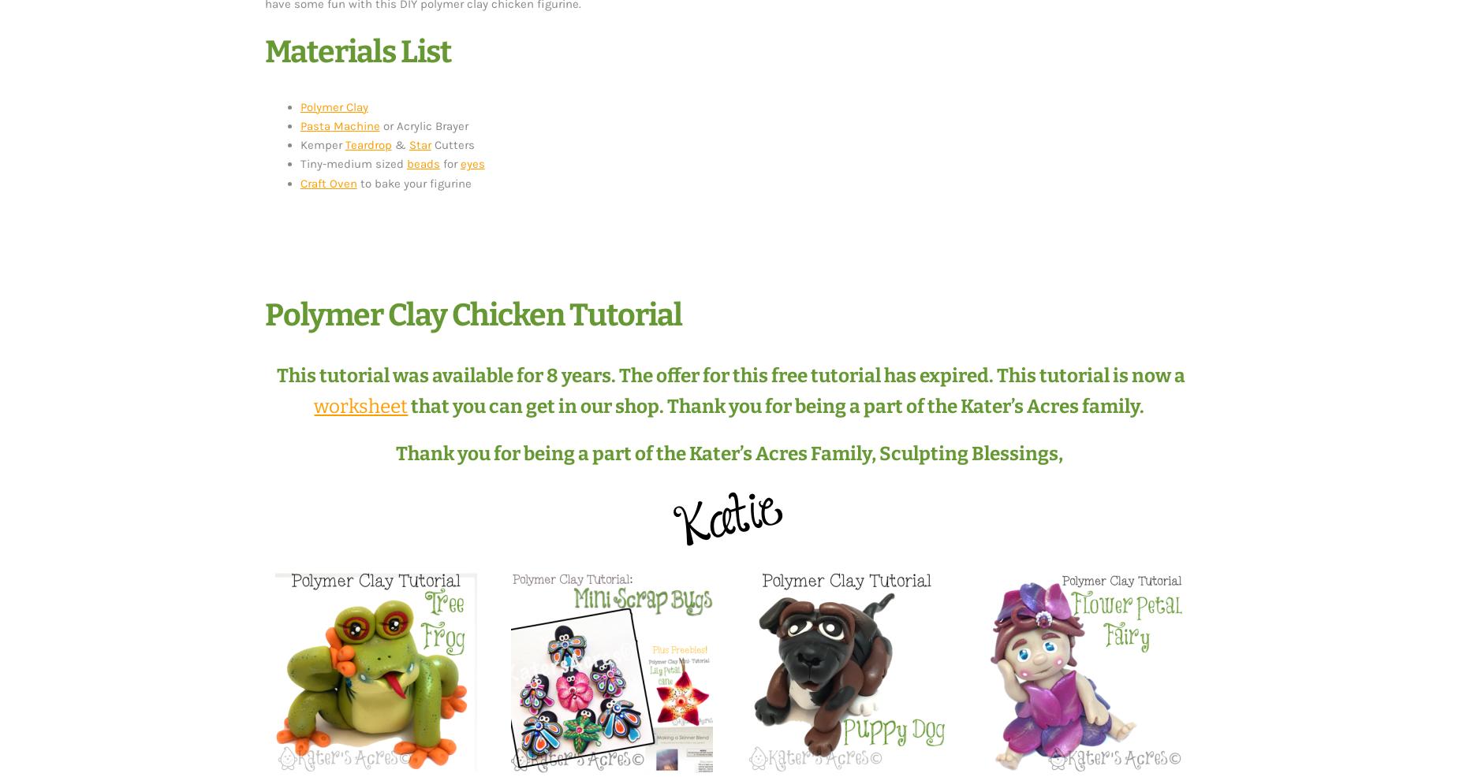 Image resolution: width=1459 pixels, height=777 pixels. Describe the element at coordinates (332, 106) in the screenshot. I see `'Polymer Clay'` at that location.